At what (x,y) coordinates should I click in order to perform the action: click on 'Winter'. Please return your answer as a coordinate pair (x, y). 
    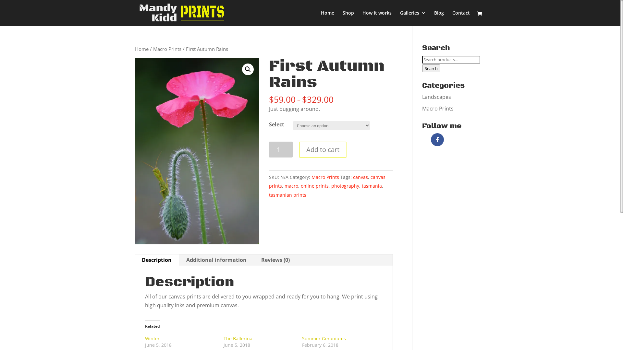
    Looking at the image, I should click on (144, 338).